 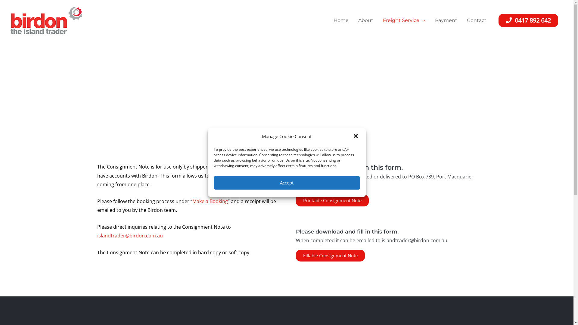 What do you see at coordinates (332, 200) in the screenshot?
I see `'Printable Consignment Note'` at bounding box center [332, 200].